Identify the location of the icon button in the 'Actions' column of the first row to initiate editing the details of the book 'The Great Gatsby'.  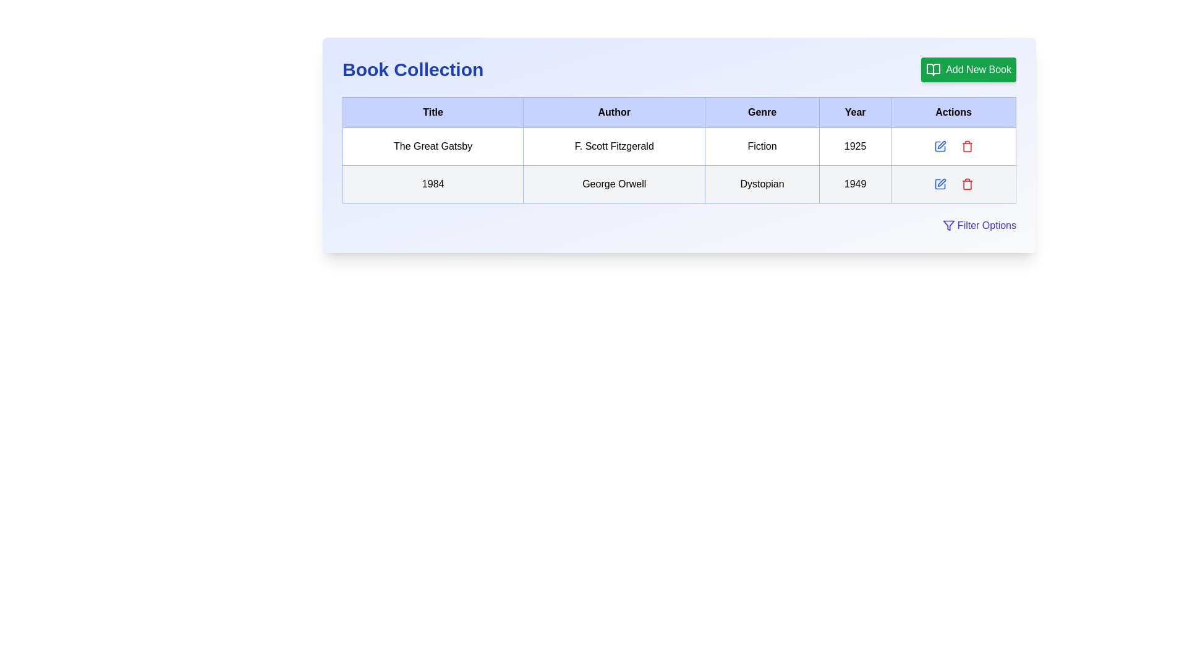
(940, 145).